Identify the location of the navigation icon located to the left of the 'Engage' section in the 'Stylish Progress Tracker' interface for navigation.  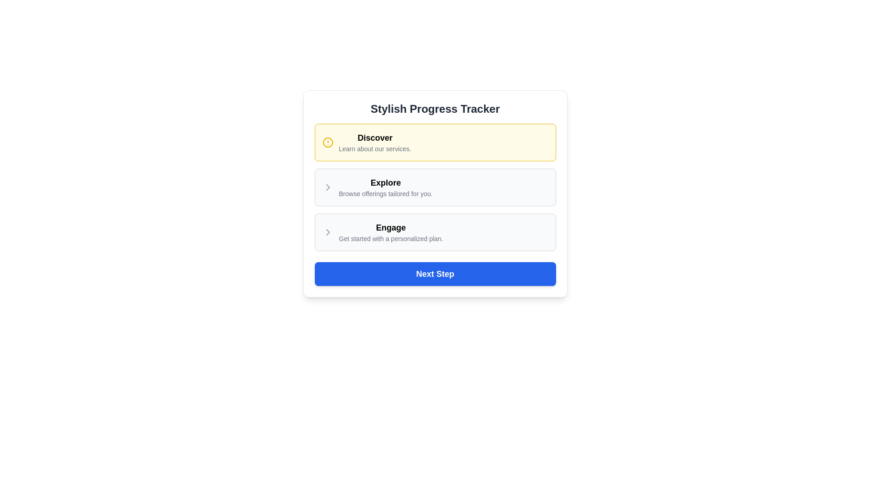
(328, 231).